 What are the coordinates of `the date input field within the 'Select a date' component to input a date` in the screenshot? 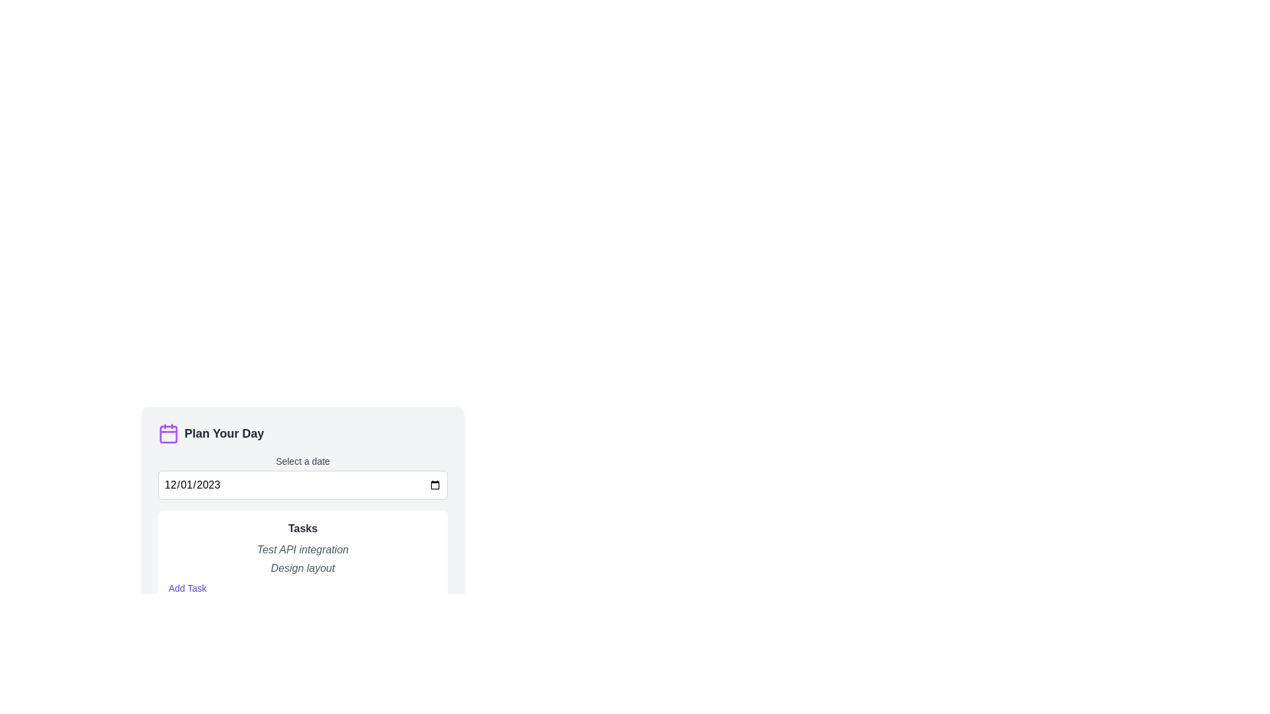 It's located at (302, 477).